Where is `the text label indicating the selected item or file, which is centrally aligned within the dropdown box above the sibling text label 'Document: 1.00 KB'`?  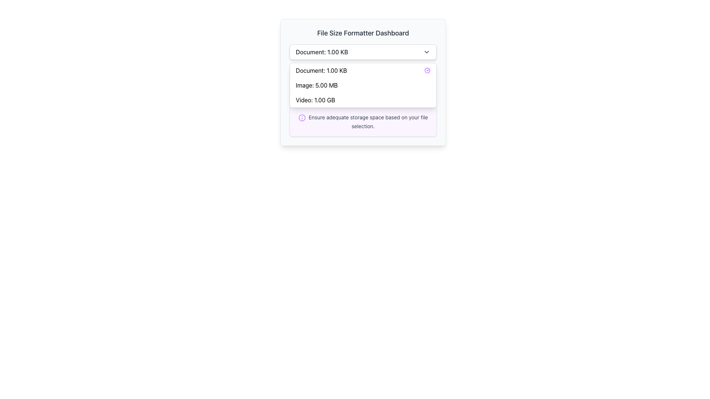 the text label indicating the selected item or file, which is centrally aligned within the dropdown box above the sibling text label 'Document: 1.00 KB' is located at coordinates (331, 79).